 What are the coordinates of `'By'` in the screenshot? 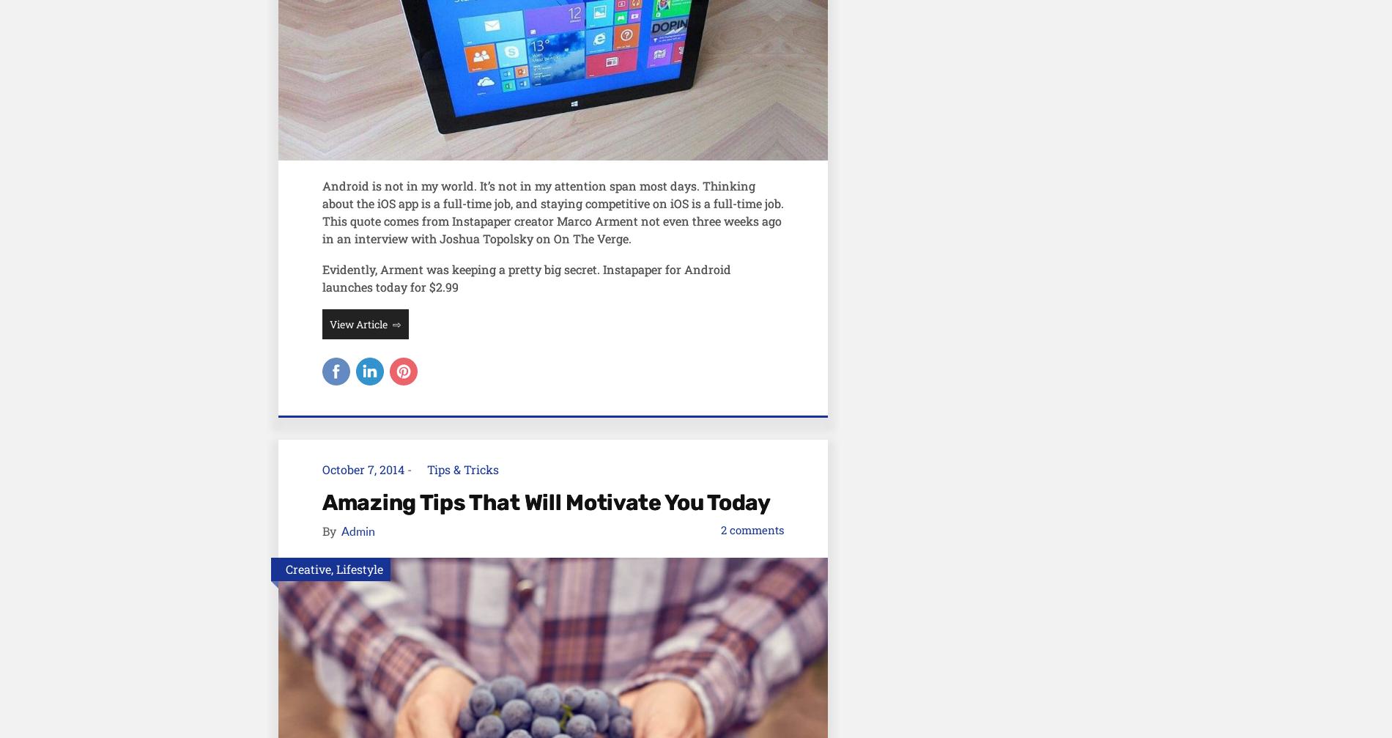 It's located at (330, 529).